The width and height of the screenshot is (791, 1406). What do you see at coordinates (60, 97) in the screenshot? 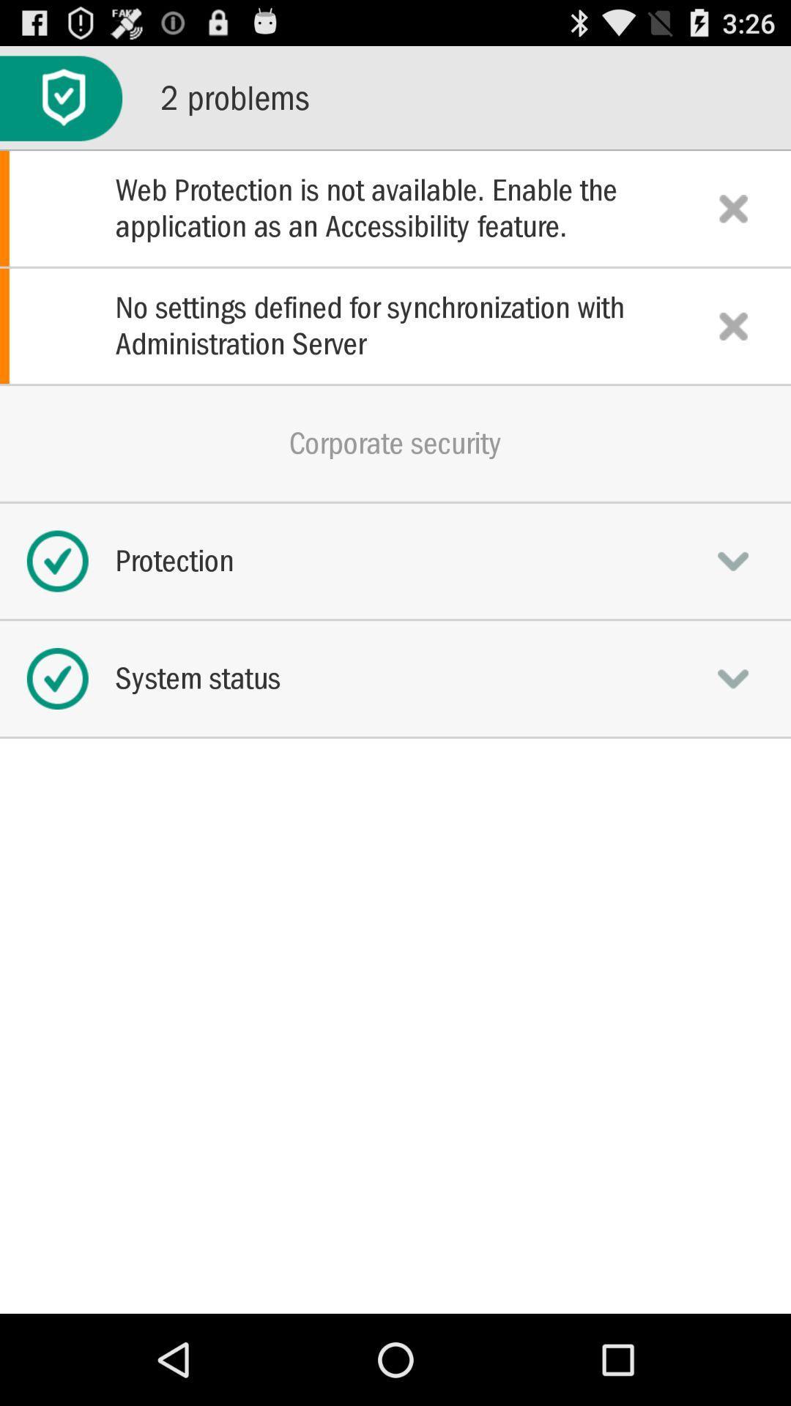
I see `the app to the left of 2 problems icon` at bounding box center [60, 97].